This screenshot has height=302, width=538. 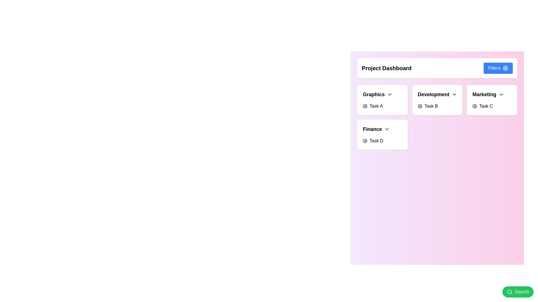 What do you see at coordinates (372, 129) in the screenshot?
I see `the bolded text 'Finance' which is styled with a large font size and serves as the title within the bottom-left card of the 'Project Dashboard'` at bounding box center [372, 129].